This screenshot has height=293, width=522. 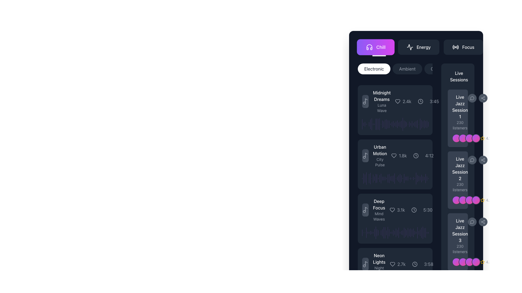 What do you see at coordinates (379, 204) in the screenshot?
I see `text label that serves as the title or header for the associated content in the third card of the vertical list, located above 'Mind Waves' and next to the '3.1k' numerical indicator` at bounding box center [379, 204].